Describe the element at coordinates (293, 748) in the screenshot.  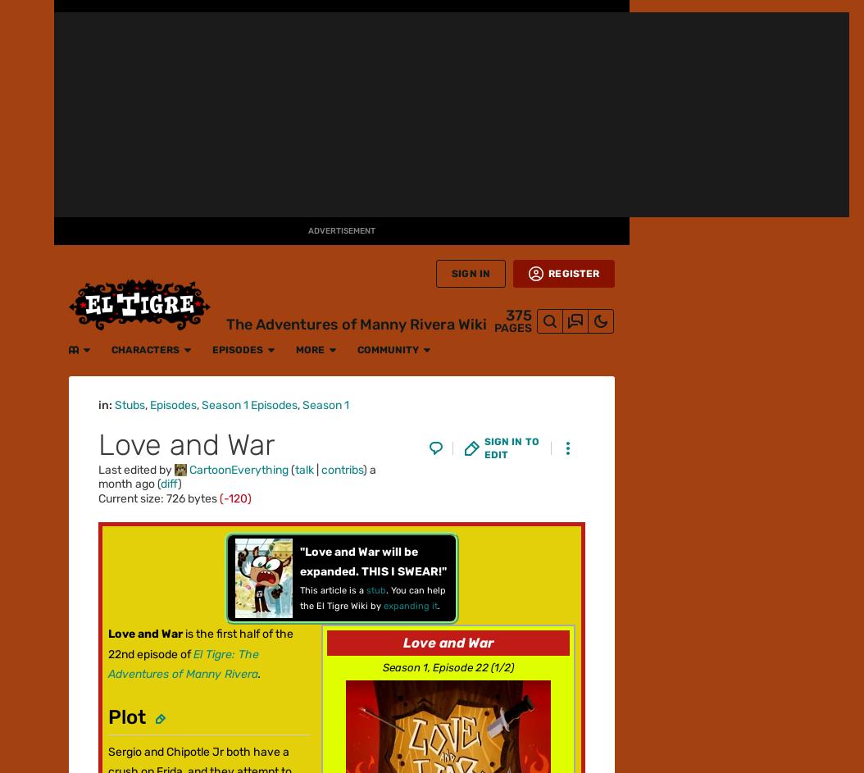
I see `'Terms of Use'` at that location.